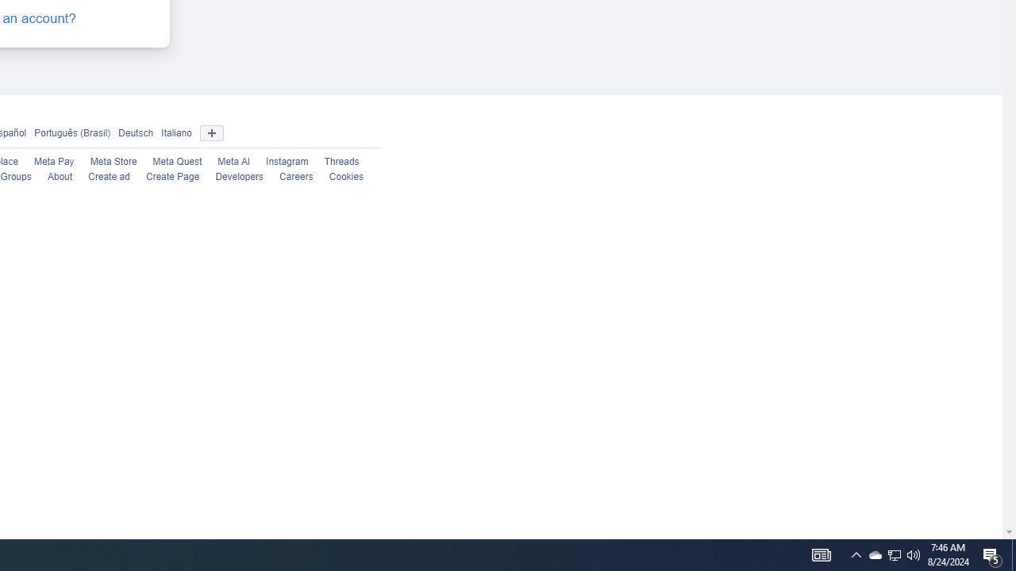  Describe the element at coordinates (287, 162) in the screenshot. I see `'Instagram'` at that location.